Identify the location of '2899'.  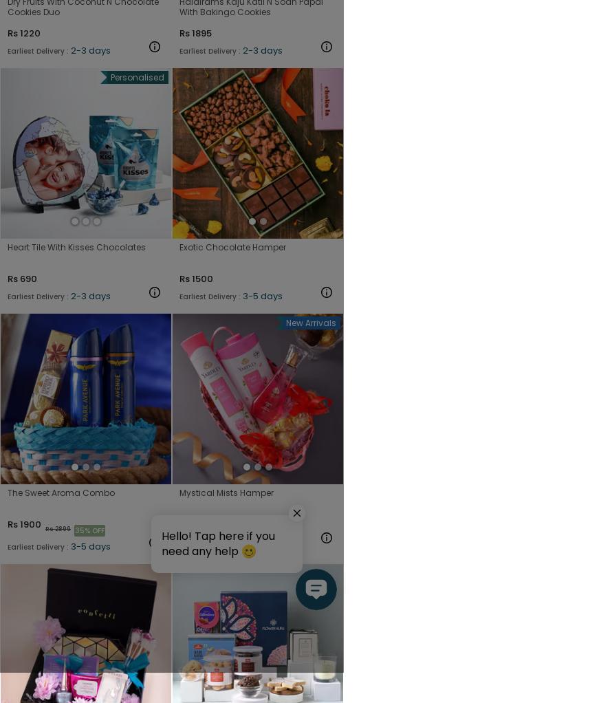
(62, 528).